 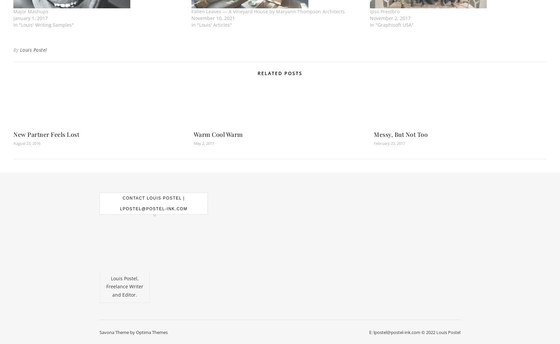 What do you see at coordinates (27, 143) in the screenshot?
I see `'August 23, 2016'` at bounding box center [27, 143].